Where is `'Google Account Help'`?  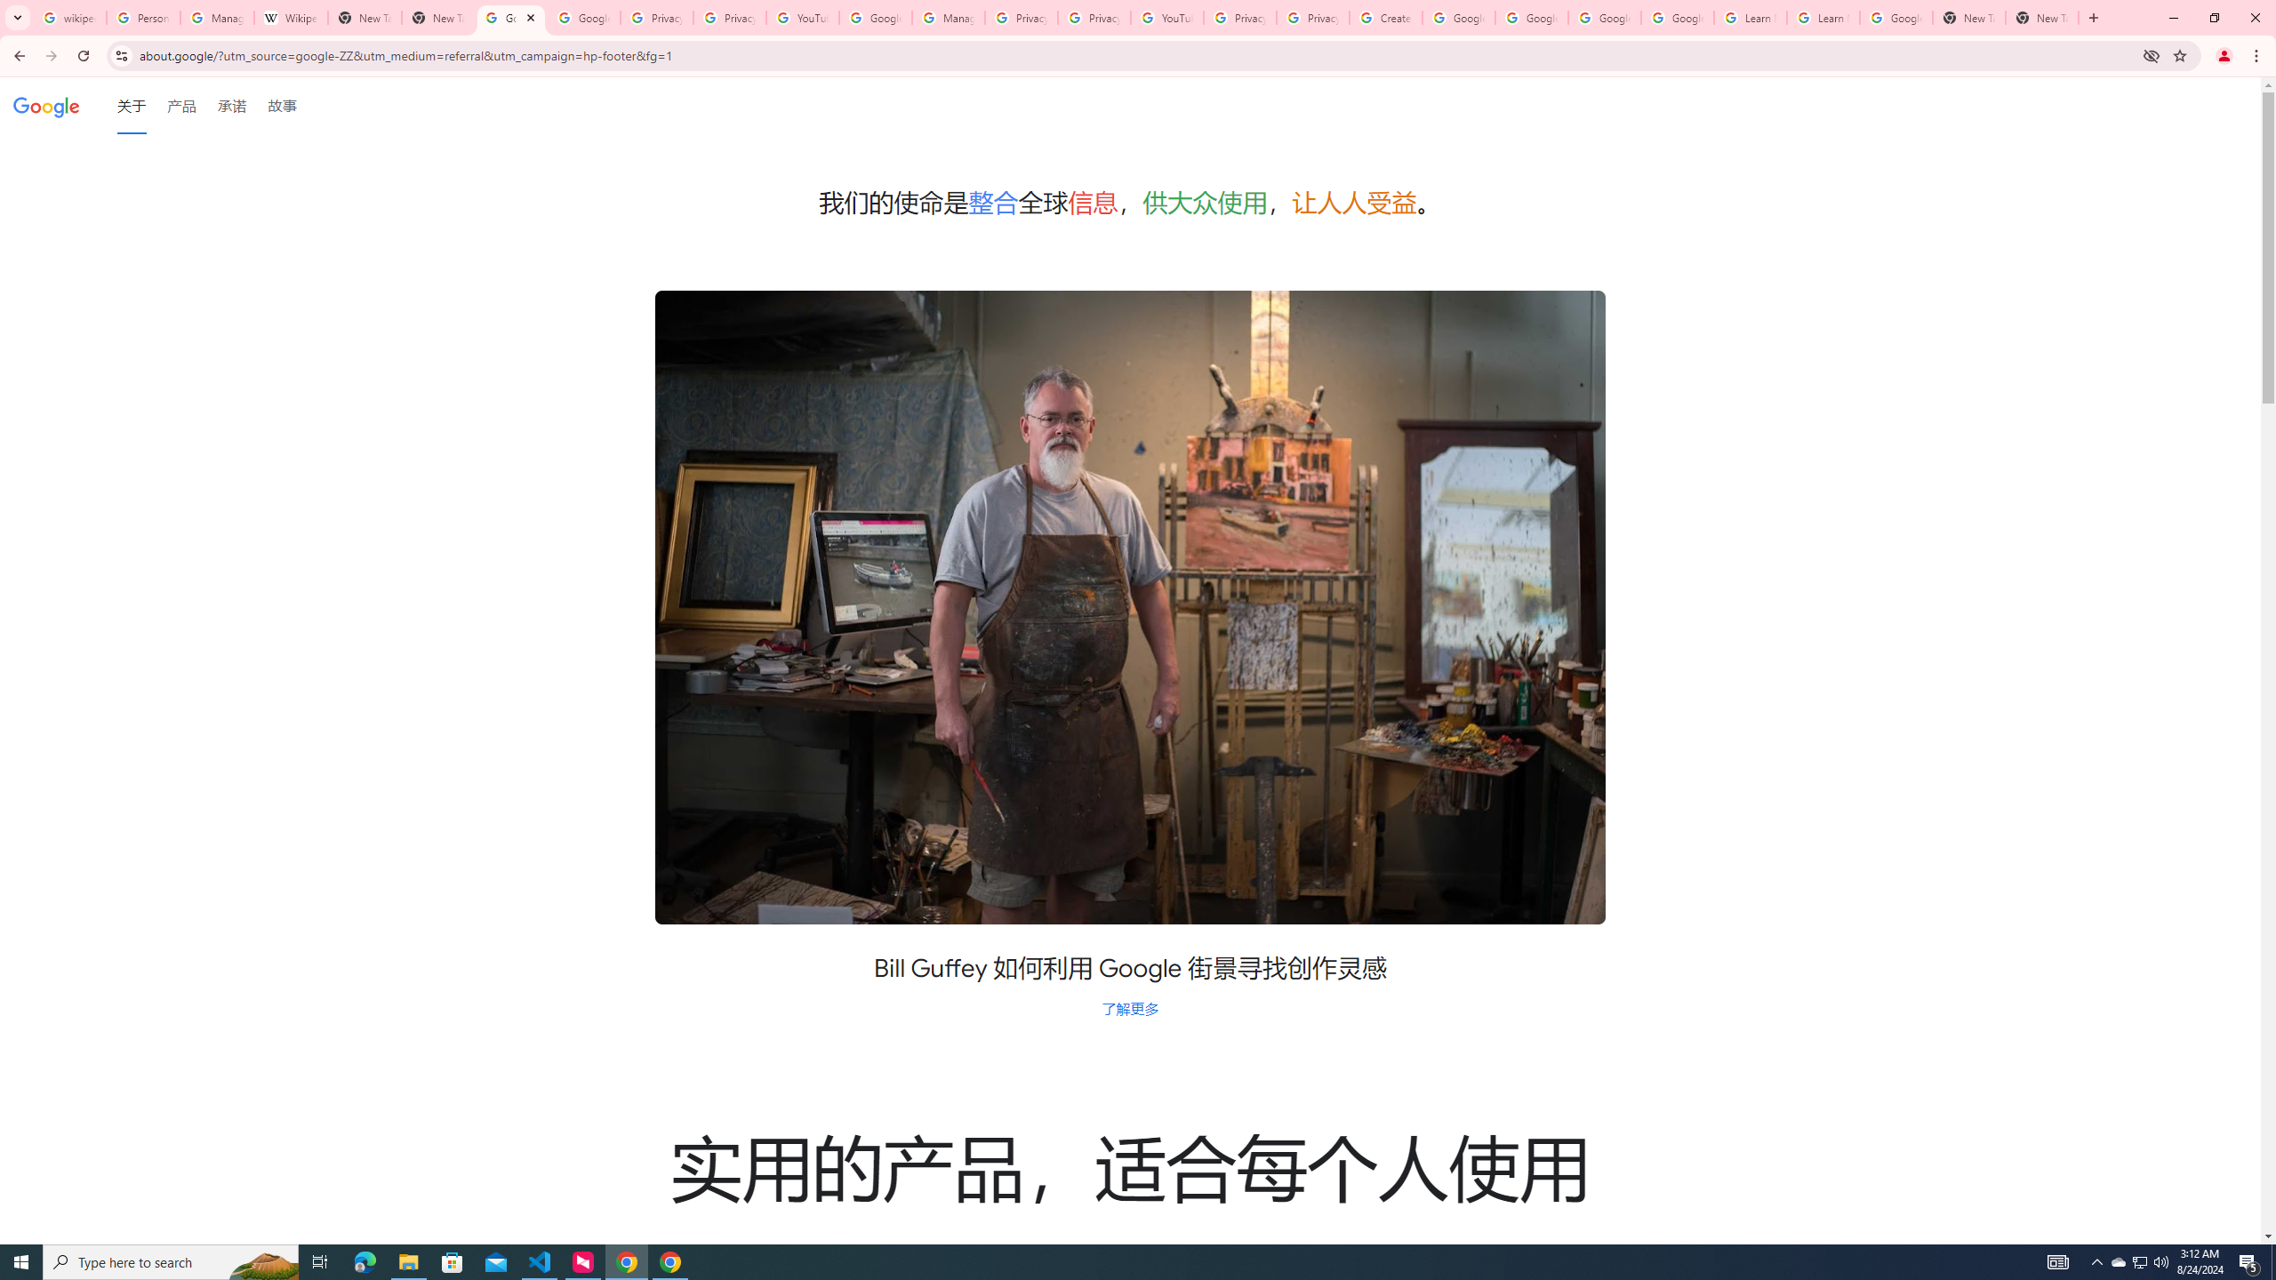
'Google Account Help' is located at coordinates (1605, 17).